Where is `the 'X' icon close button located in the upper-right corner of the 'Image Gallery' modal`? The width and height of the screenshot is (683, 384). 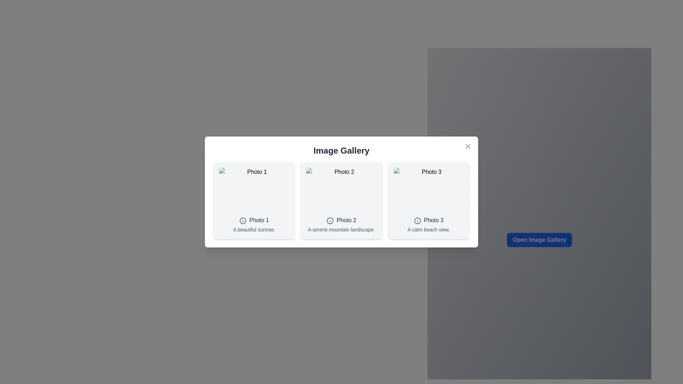
the 'X' icon close button located in the upper-right corner of the 'Image Gallery' modal is located at coordinates (468, 146).